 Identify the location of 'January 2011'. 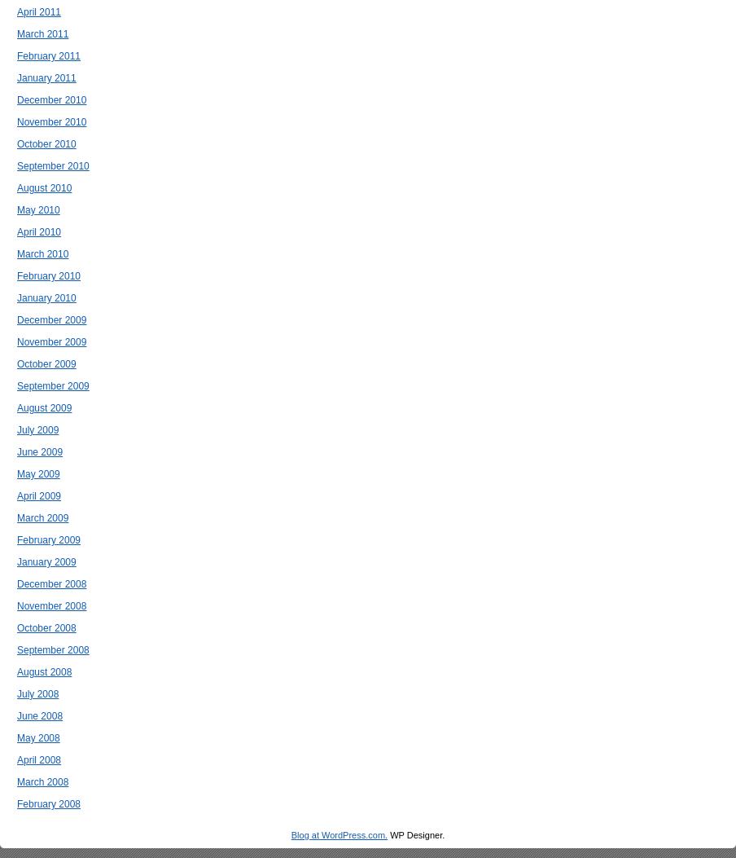
(46, 78).